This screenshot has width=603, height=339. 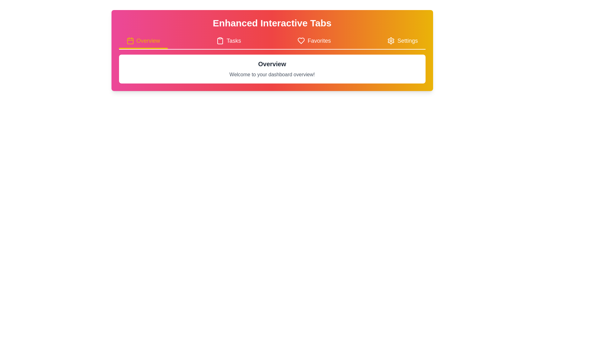 What do you see at coordinates (143, 41) in the screenshot?
I see `the 'Overview' button, which is the first tab` at bounding box center [143, 41].